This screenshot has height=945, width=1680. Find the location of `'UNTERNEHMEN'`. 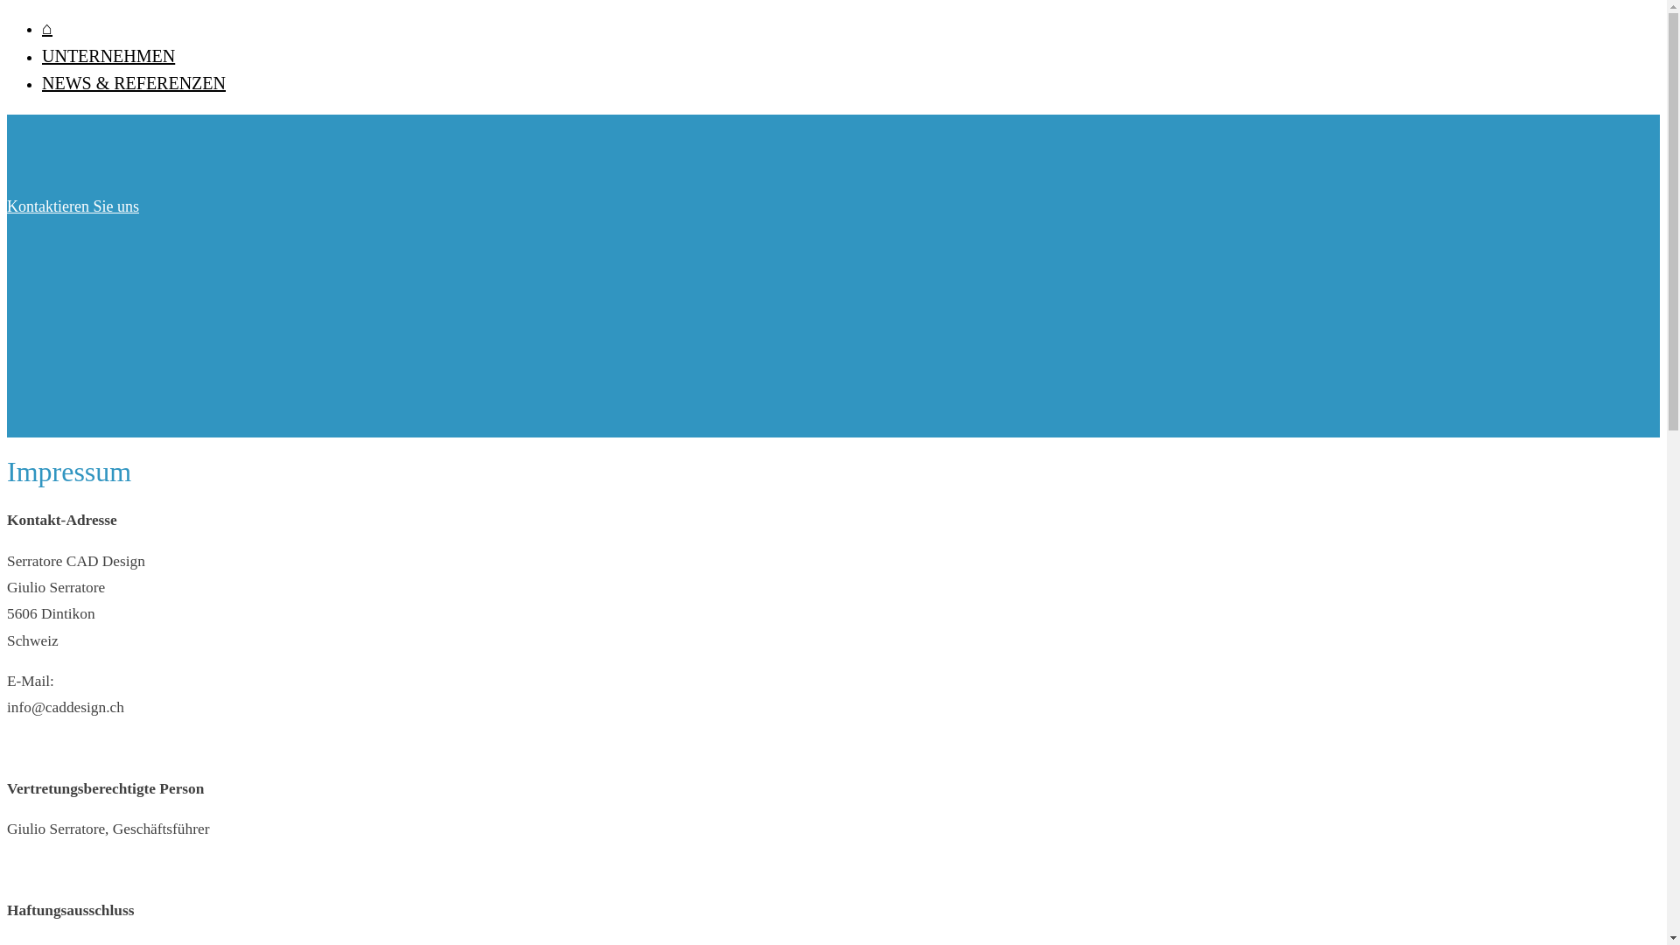

'UNTERNEHMEN' is located at coordinates (108, 53).